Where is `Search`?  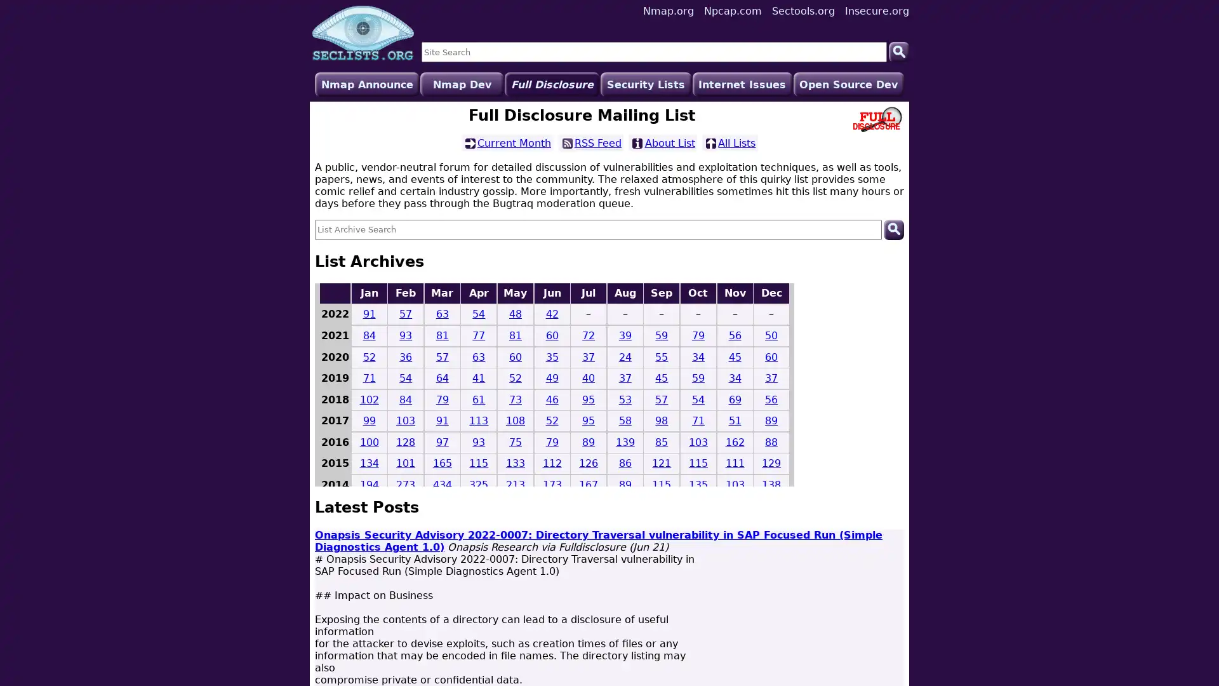 Search is located at coordinates (893, 229).